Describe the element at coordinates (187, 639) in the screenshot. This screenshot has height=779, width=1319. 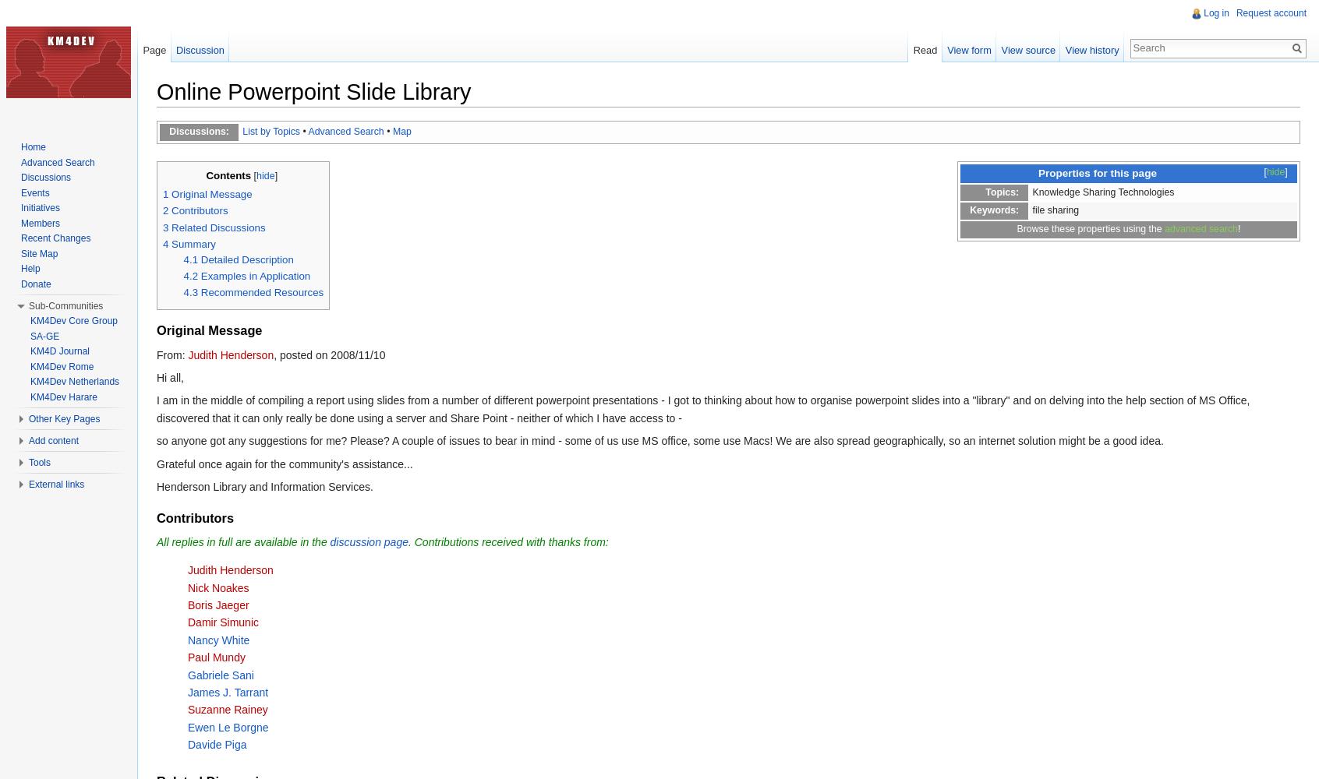
I see `'Nancy White'` at that location.